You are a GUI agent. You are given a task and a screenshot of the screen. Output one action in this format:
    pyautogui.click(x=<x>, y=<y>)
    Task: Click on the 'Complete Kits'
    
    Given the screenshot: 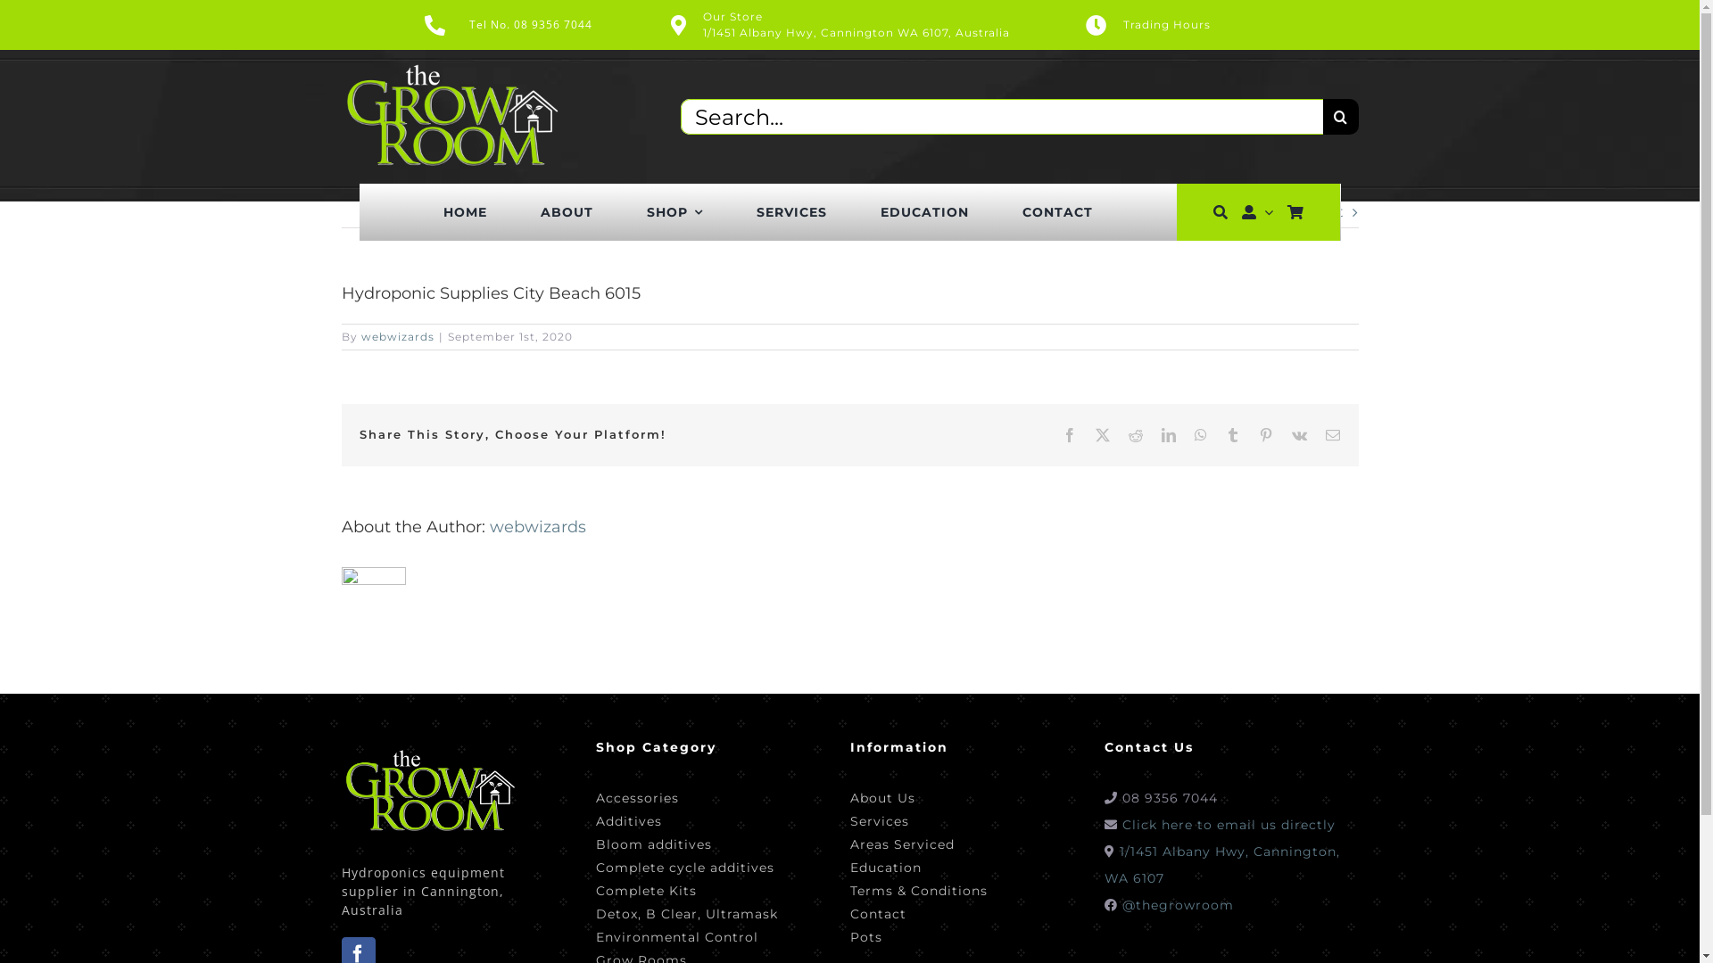 What is the action you would take?
    pyautogui.click(x=685, y=888)
    